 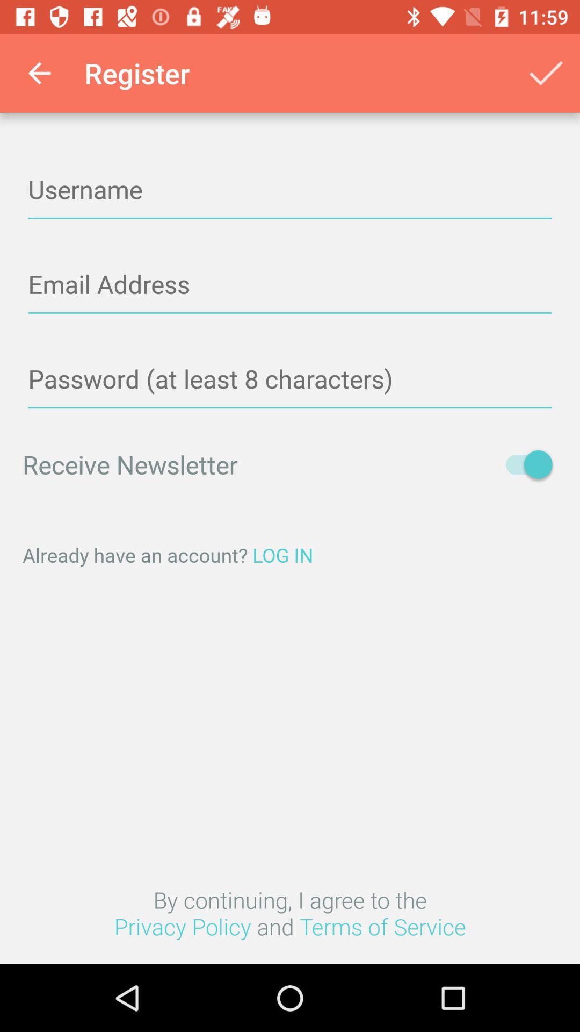 What do you see at coordinates (290, 190) in the screenshot?
I see `username` at bounding box center [290, 190].